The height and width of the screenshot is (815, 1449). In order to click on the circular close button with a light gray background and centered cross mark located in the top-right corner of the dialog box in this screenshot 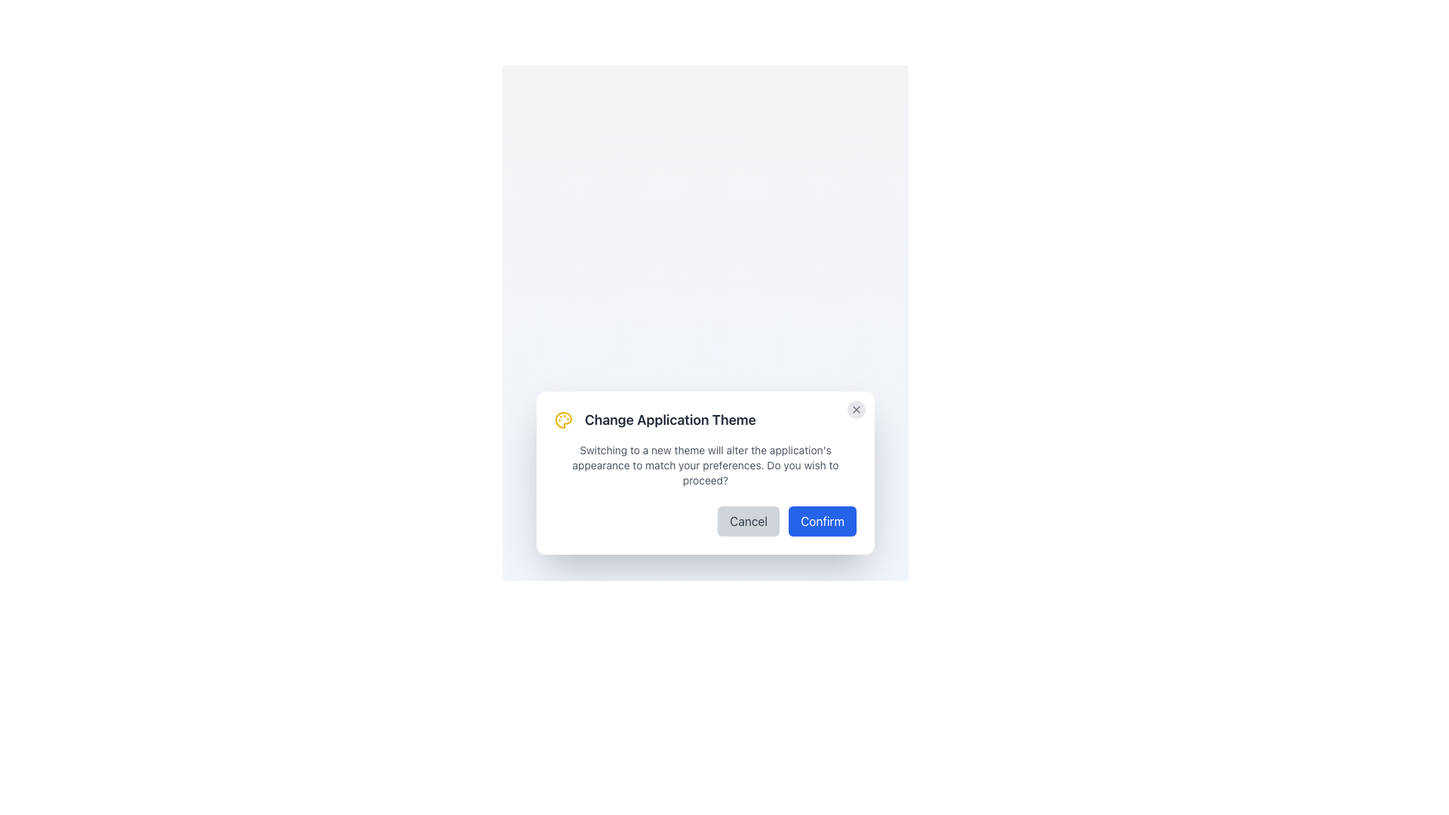, I will do `click(856, 410)`.